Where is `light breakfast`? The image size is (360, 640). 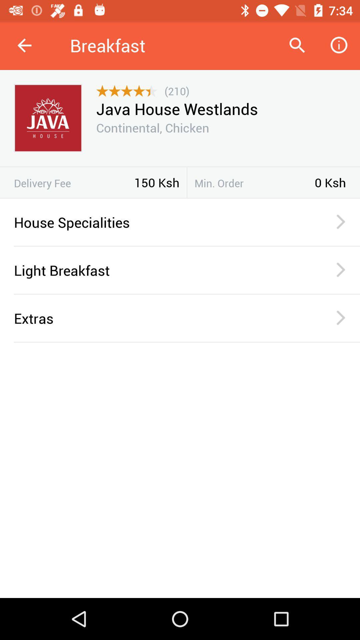 light breakfast is located at coordinates (161, 270).